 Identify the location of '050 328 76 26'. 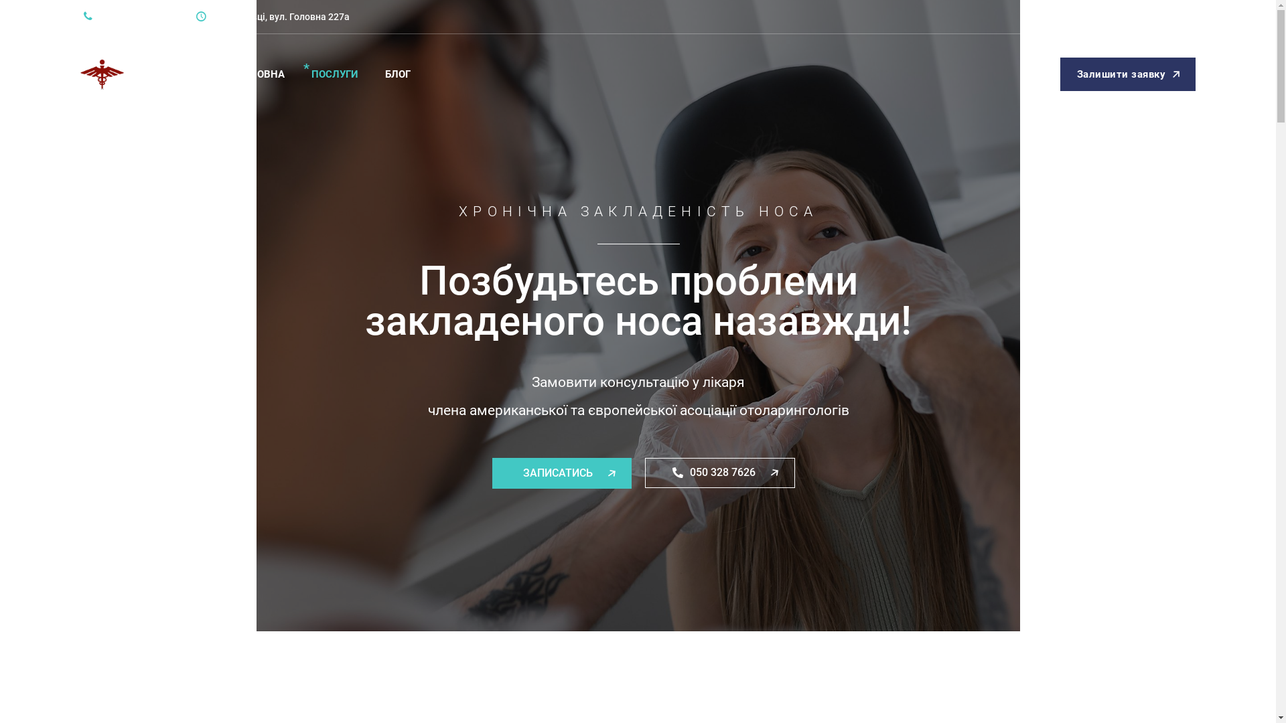
(120, 16).